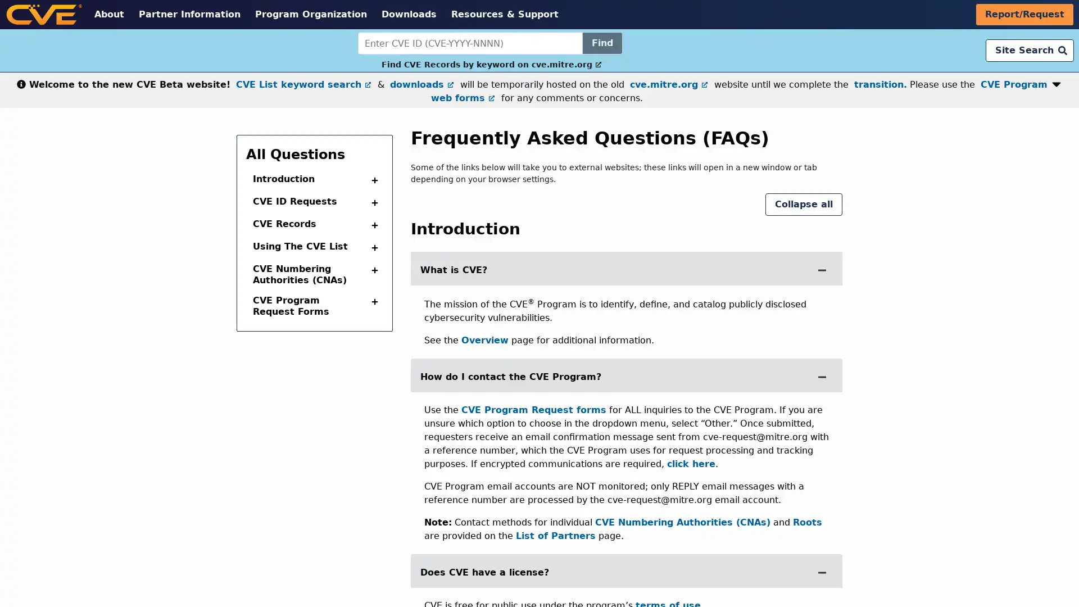  I want to click on expand, so click(372, 179).